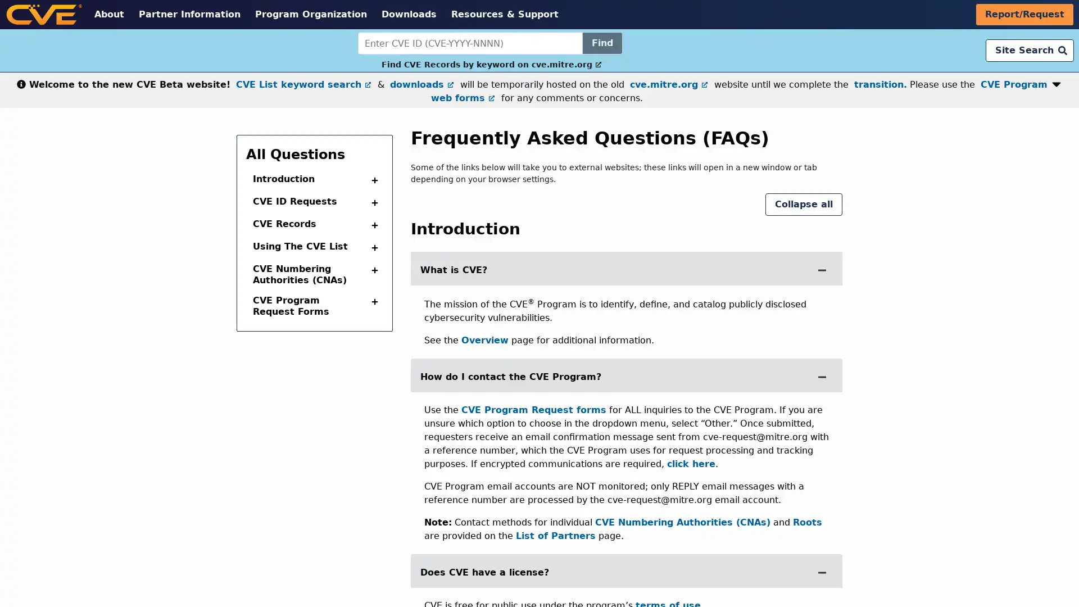  I want to click on expand, so click(372, 179).